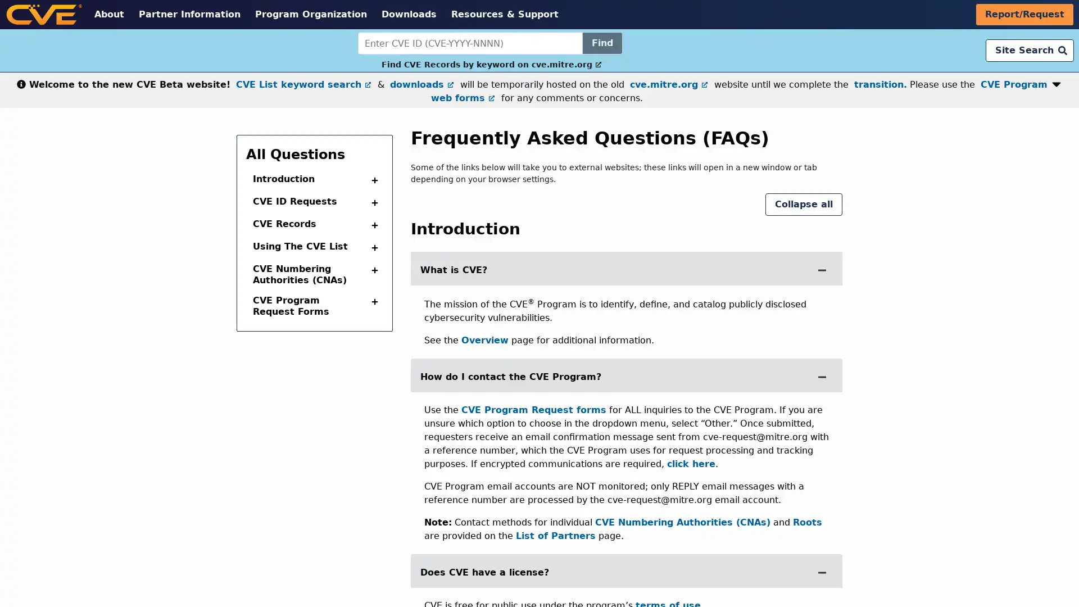  I want to click on expand, so click(372, 179).